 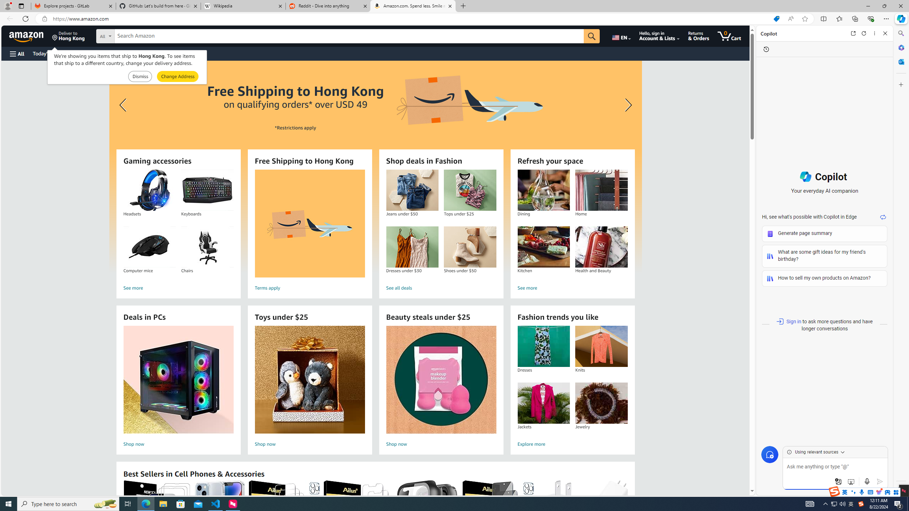 I want to click on 'Jewelry', so click(x=601, y=403).